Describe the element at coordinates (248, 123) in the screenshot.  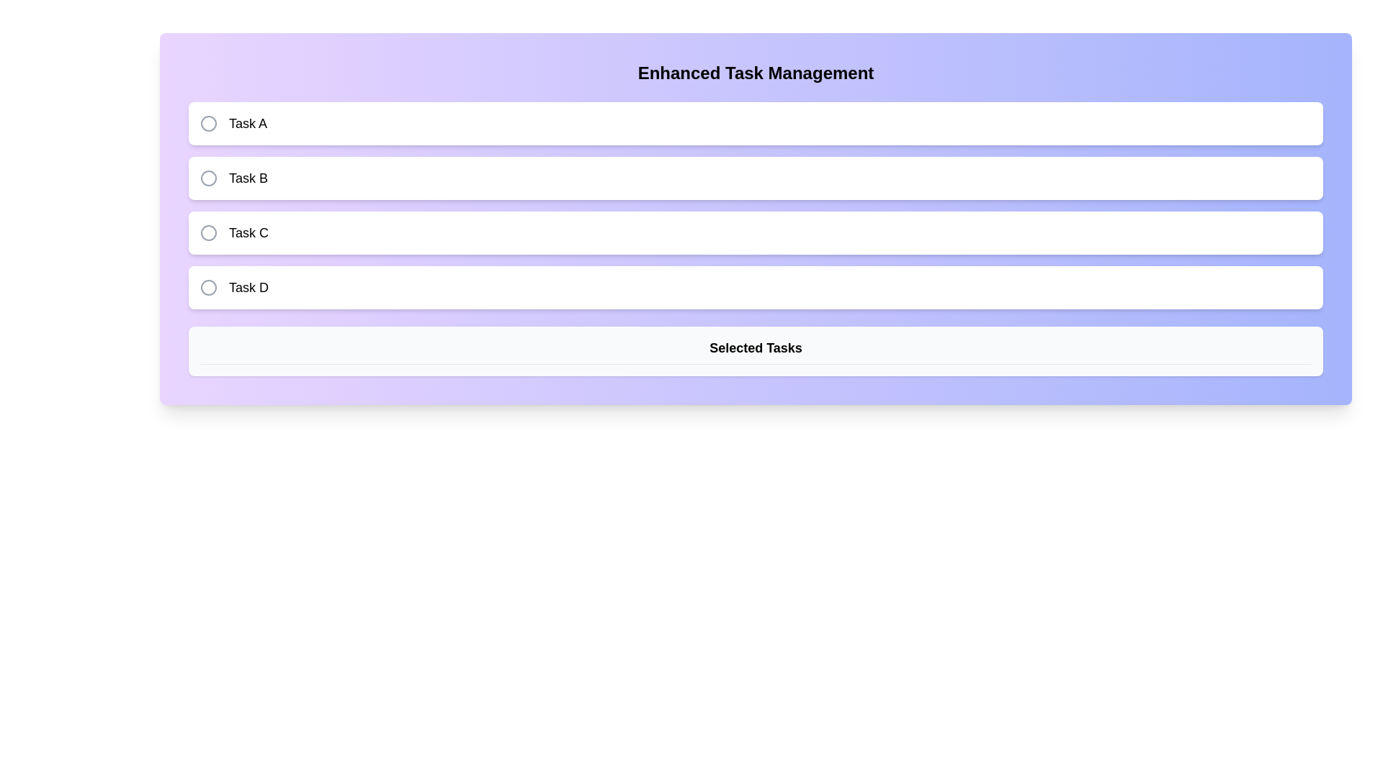
I see `the text label displaying 'Task A', which is bold and black, located to the right of a circular icon in the first item of a vertically arranged list` at that location.